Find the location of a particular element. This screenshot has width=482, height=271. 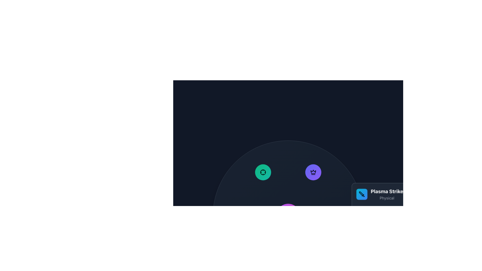

the text label element that reads 'Physical', styled in a small light gray font beneath the bold white text 'Plasma Strike' is located at coordinates (387, 198).